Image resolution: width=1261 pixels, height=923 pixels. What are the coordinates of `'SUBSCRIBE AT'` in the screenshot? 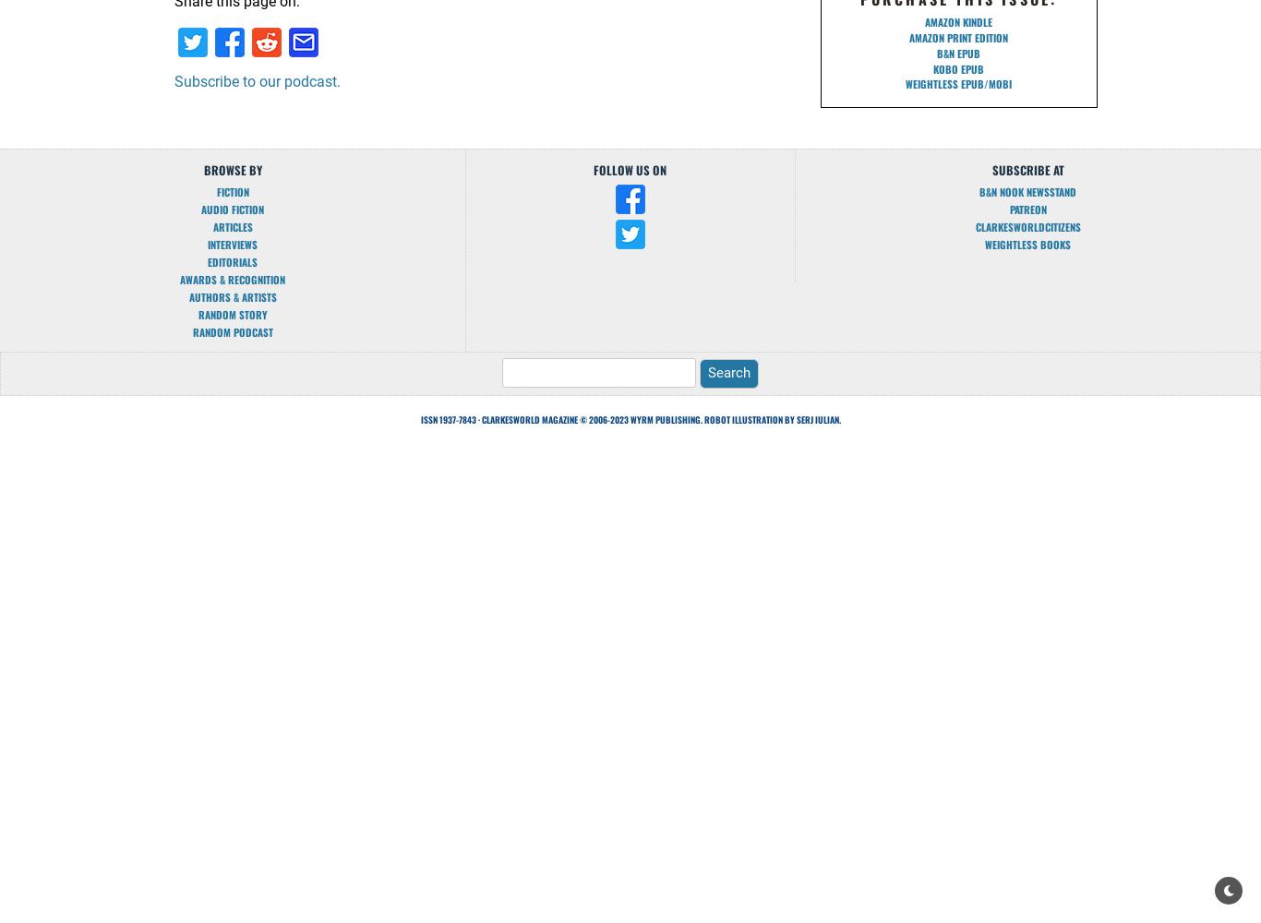 It's located at (1027, 169).